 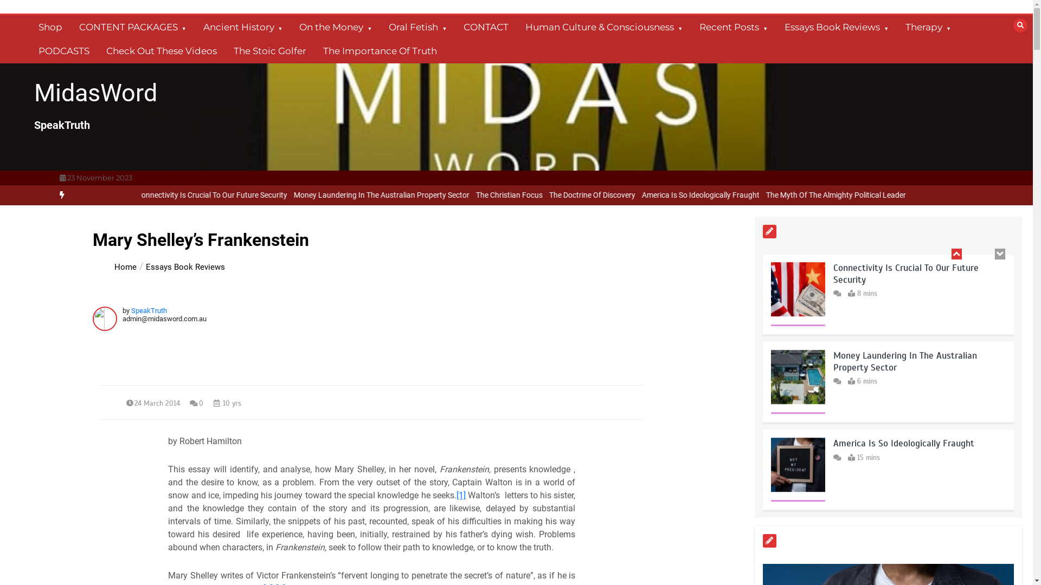 I want to click on 'Recent Posts', so click(x=734, y=27).